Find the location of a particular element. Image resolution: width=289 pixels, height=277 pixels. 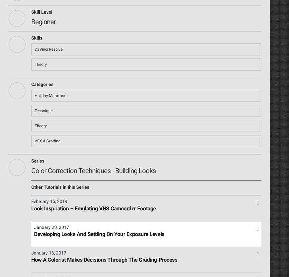

'Categories' is located at coordinates (42, 84).